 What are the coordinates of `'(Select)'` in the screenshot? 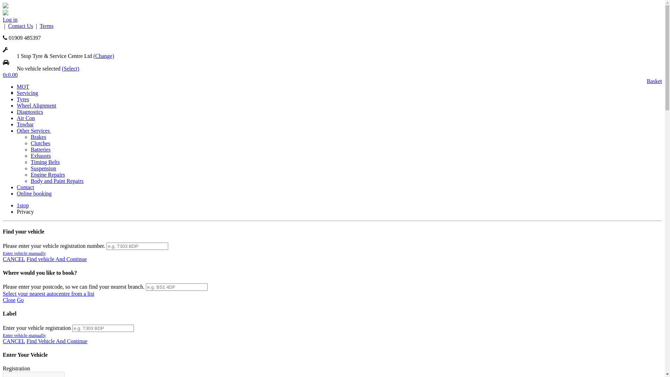 It's located at (70, 68).